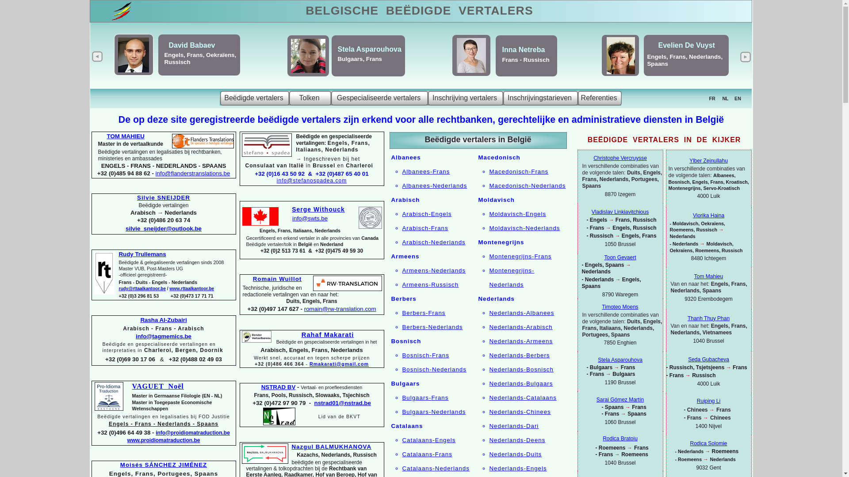 The image size is (849, 477). What do you see at coordinates (725, 98) in the screenshot?
I see `'NL'` at bounding box center [725, 98].